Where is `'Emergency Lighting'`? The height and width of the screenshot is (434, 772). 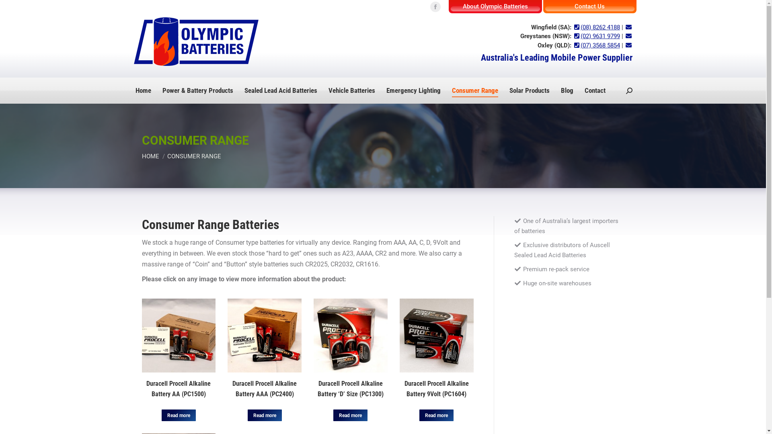 'Emergency Lighting' is located at coordinates (413, 90).